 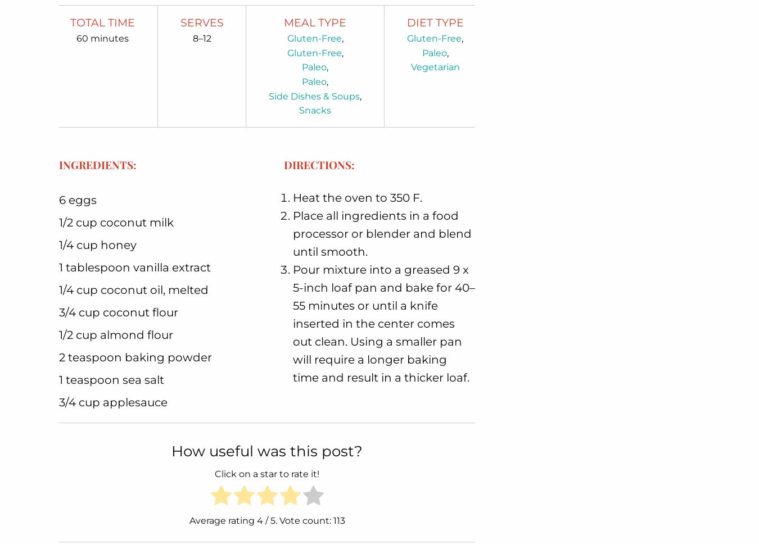 What do you see at coordinates (102, 22) in the screenshot?
I see `'Total Time'` at bounding box center [102, 22].